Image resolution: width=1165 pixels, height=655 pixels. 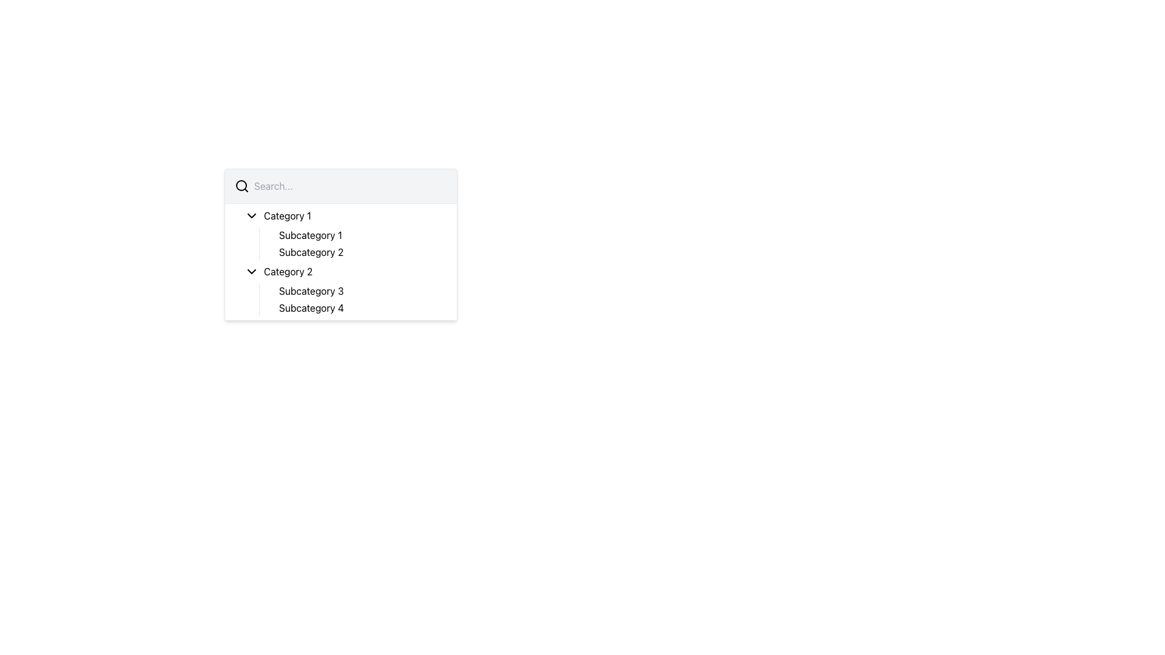 I want to click on the collapsible menu item labeled 'Category 2' for navigation purposes, so click(x=345, y=270).